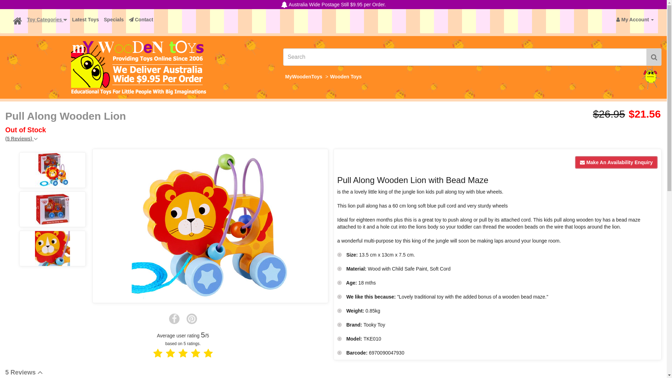 The height and width of the screenshot is (378, 672). What do you see at coordinates (52, 209) in the screenshot?
I see `'Pull Along Wooden Lion Detail-Two'` at bounding box center [52, 209].